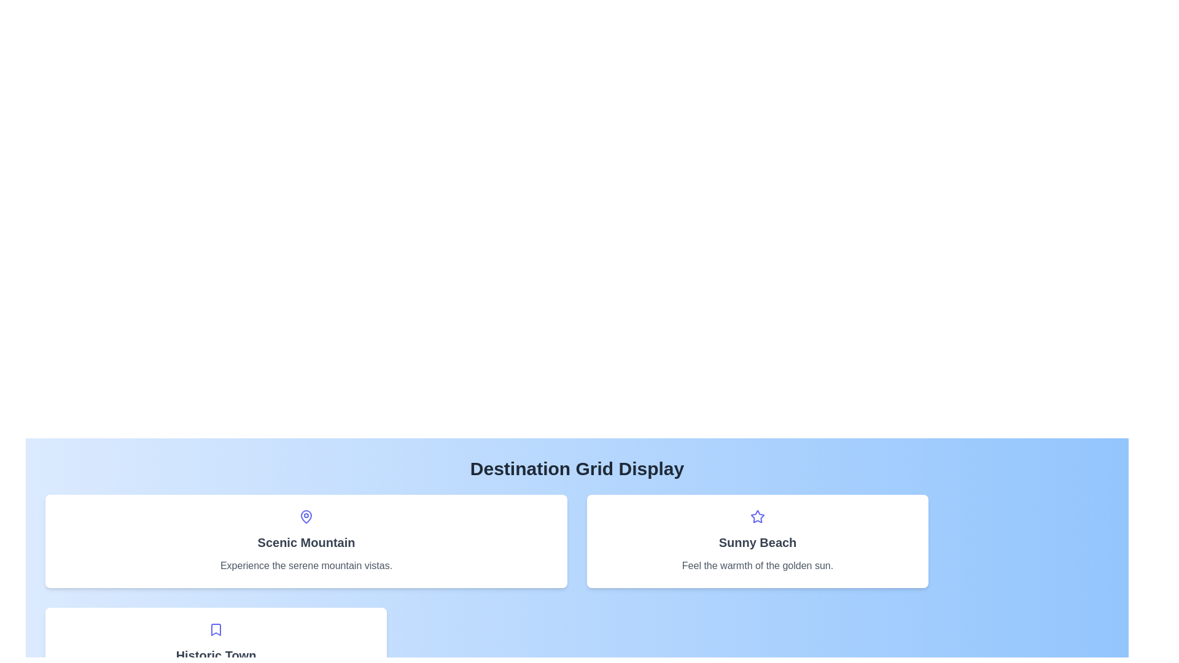 The height and width of the screenshot is (663, 1179). I want to click on the descriptive text label that provides context about the 'Sunny Beach' section, located directly below the title and star icon, so click(757, 565).